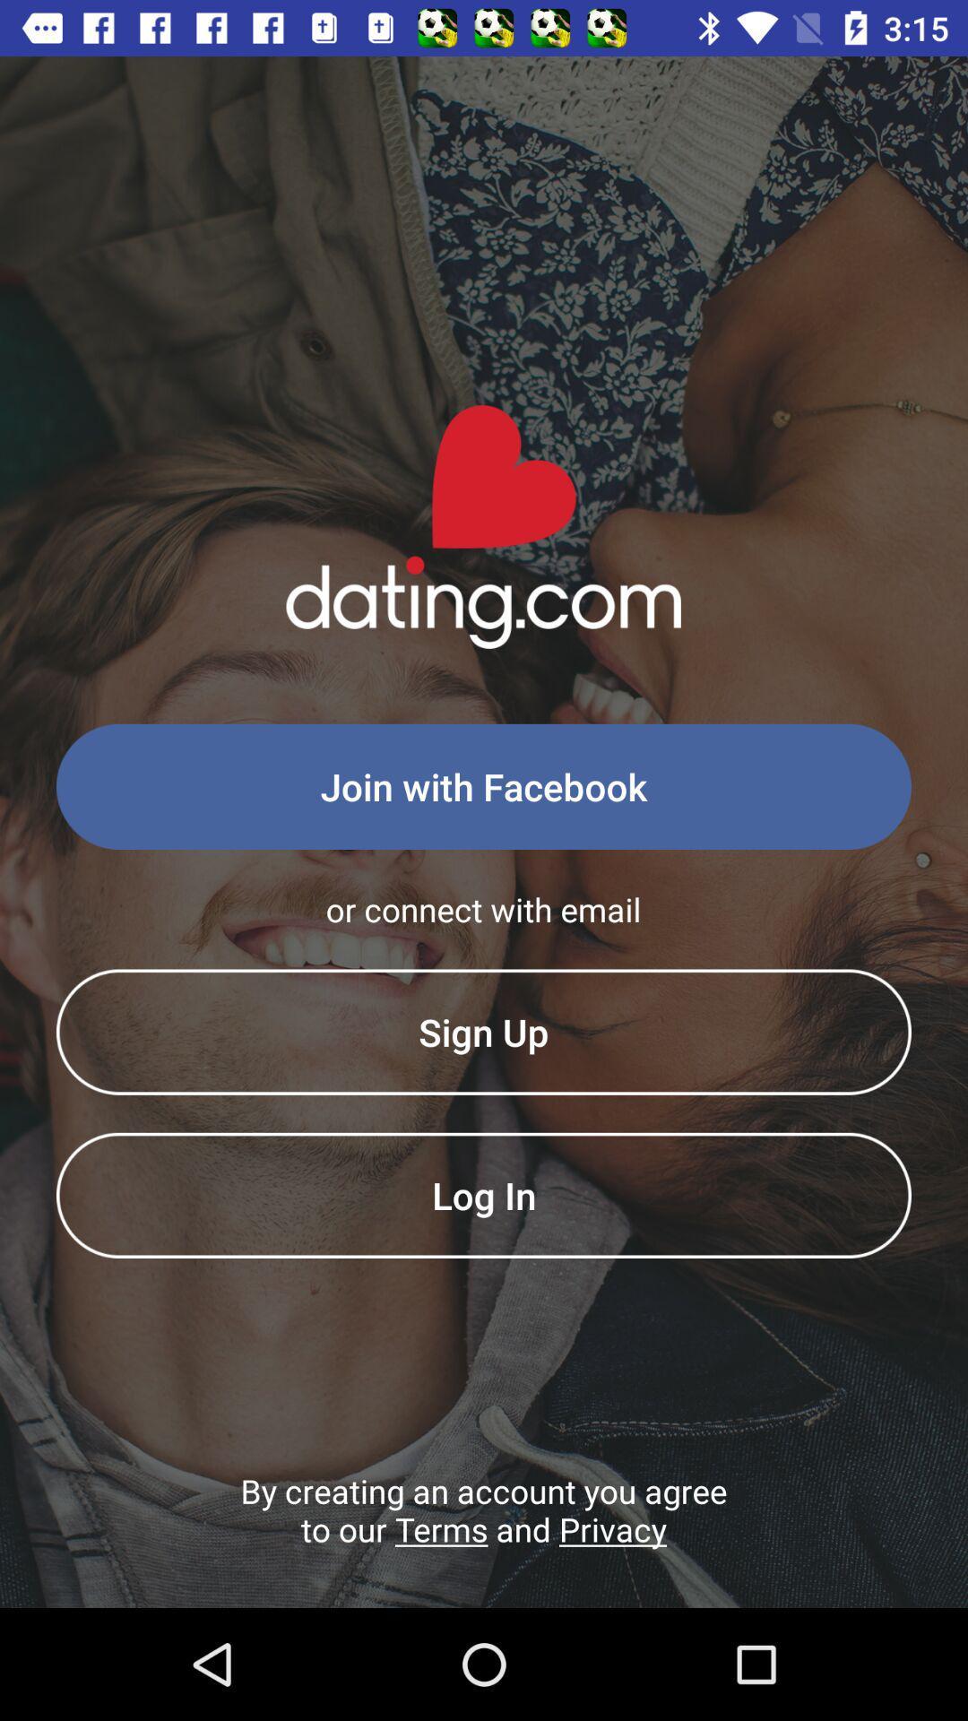 The image size is (968, 1721). I want to click on the icon above the log in icon, so click(484, 1032).